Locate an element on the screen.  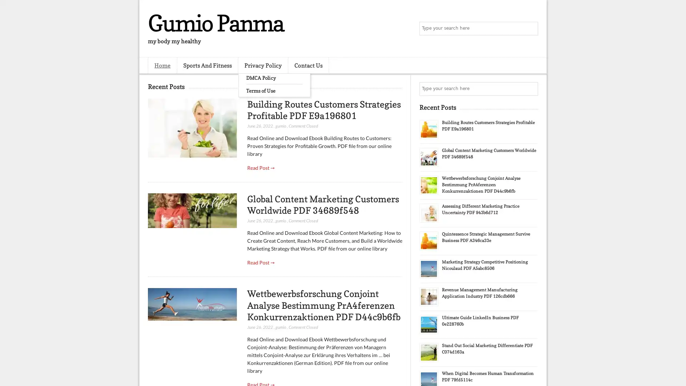
Search is located at coordinates (531, 29).